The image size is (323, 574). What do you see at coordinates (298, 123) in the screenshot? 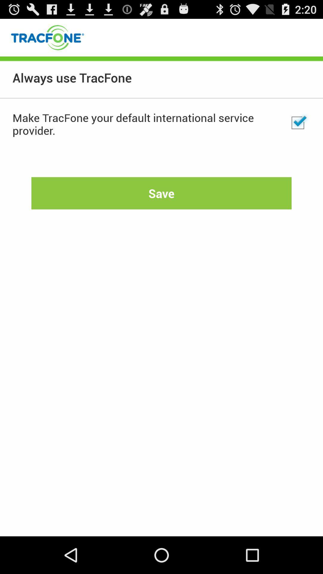
I see `item at the top right corner` at bounding box center [298, 123].